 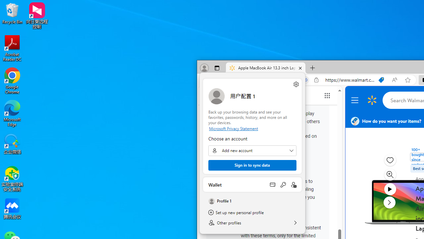 What do you see at coordinates (293, 184) in the screenshot?
I see `'Open personal info'` at bounding box center [293, 184].